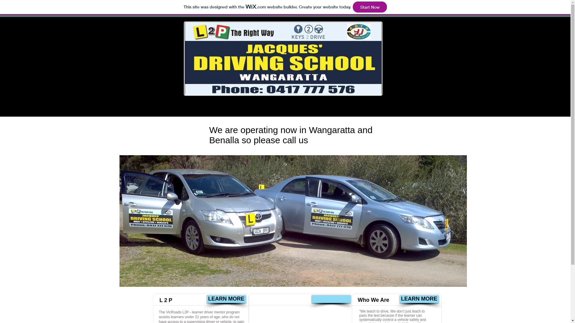 The height and width of the screenshot is (323, 575). I want to click on 'LEARN MORE', so click(418, 299).